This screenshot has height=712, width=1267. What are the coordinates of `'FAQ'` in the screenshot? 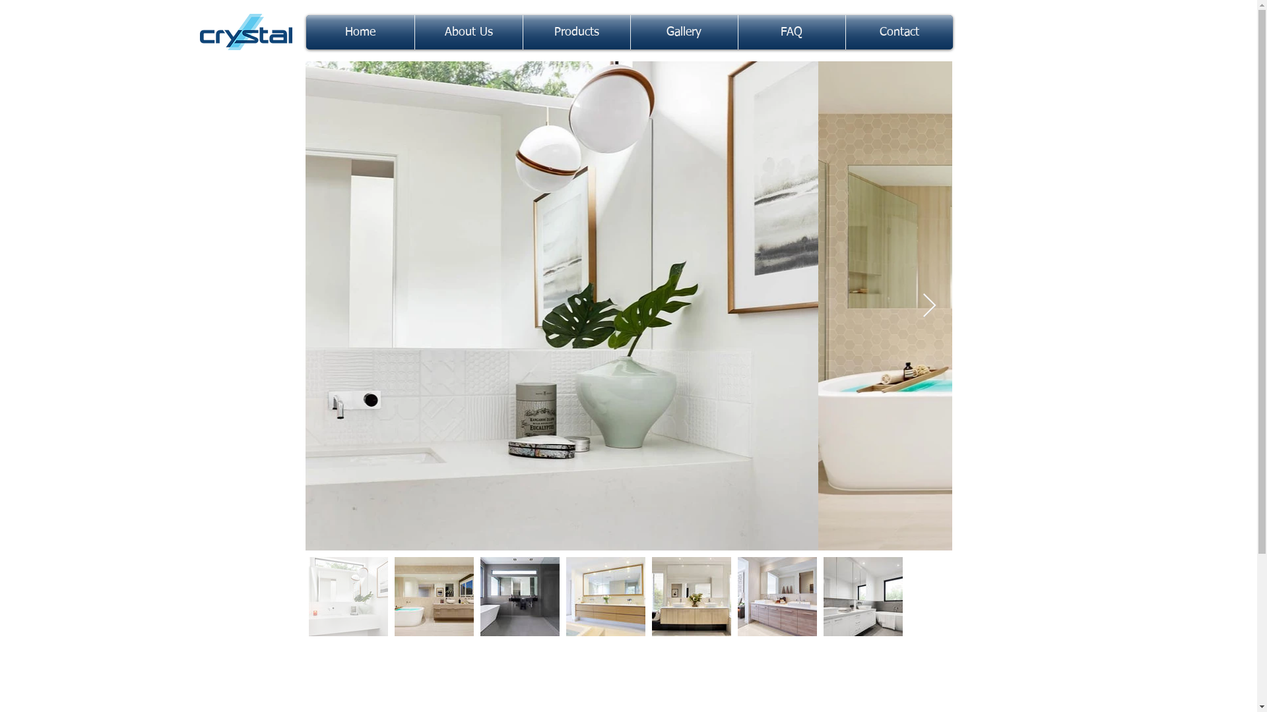 It's located at (791, 32).